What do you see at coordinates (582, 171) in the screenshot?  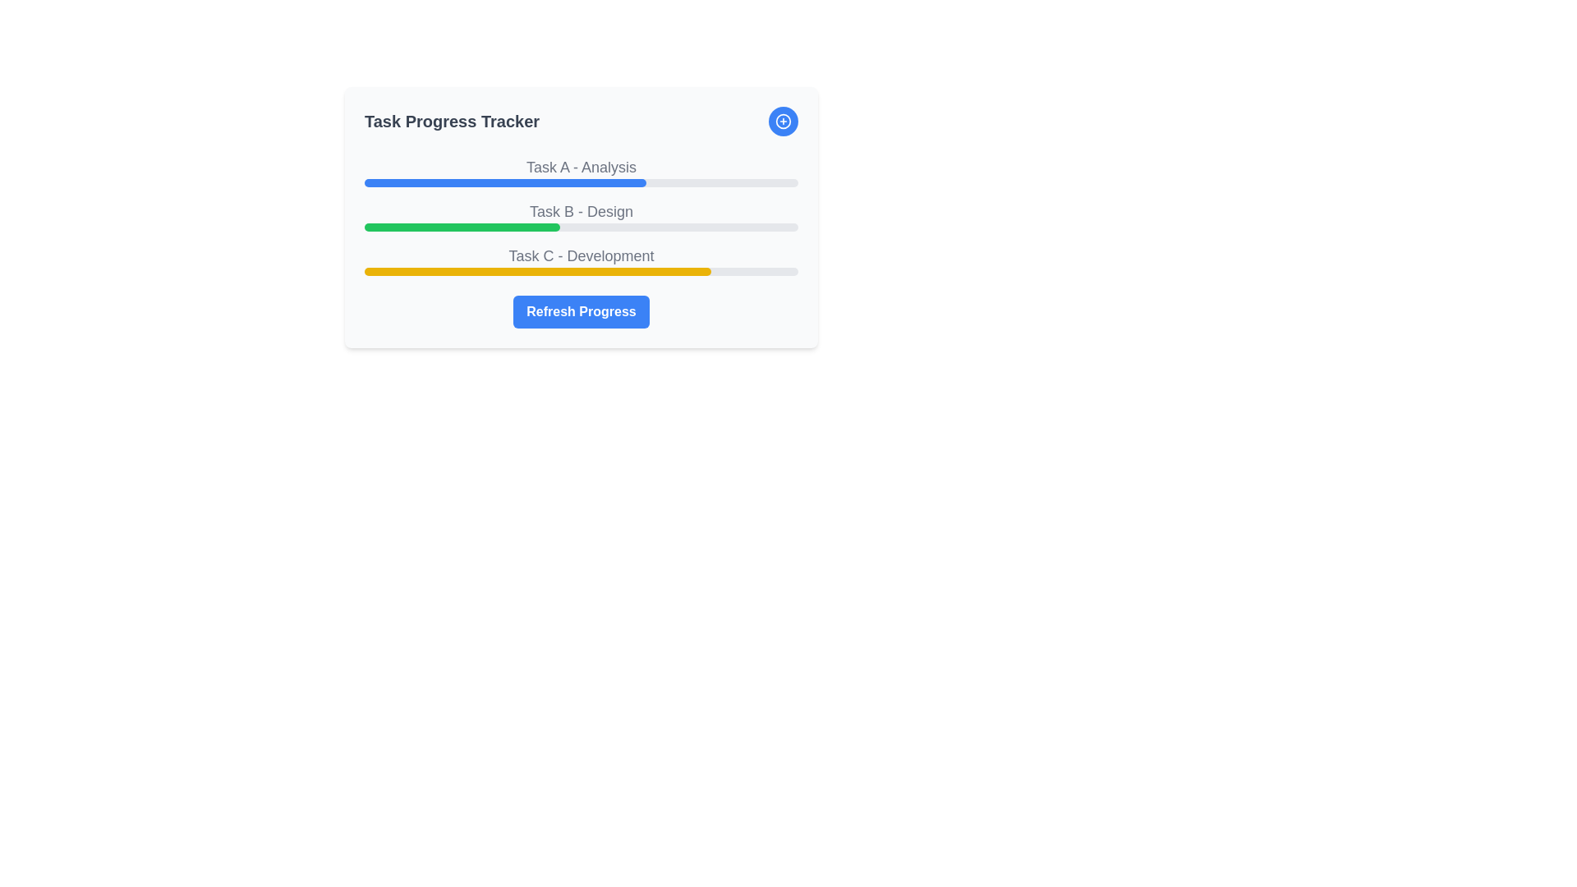 I see `progress indicator for 'Task A - Analysis', which is the first item in the vertical list of task progress indicators` at bounding box center [582, 171].